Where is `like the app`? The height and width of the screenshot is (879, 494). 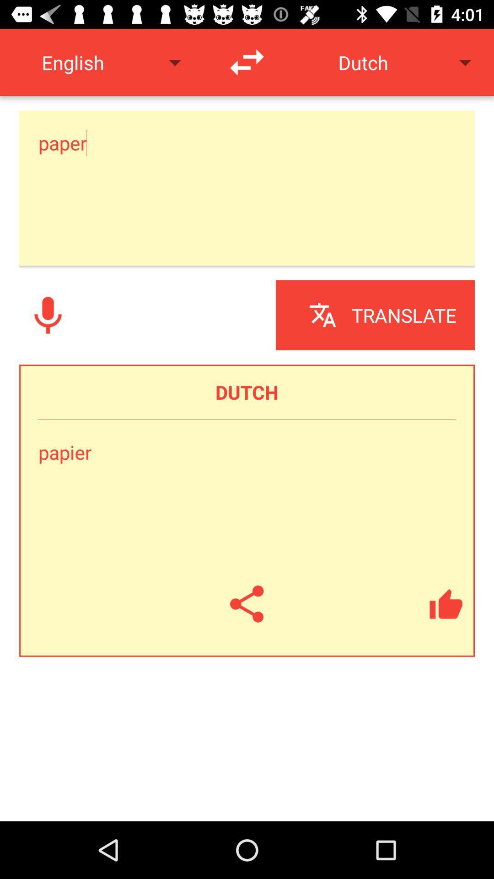
like the app is located at coordinates (446, 604).